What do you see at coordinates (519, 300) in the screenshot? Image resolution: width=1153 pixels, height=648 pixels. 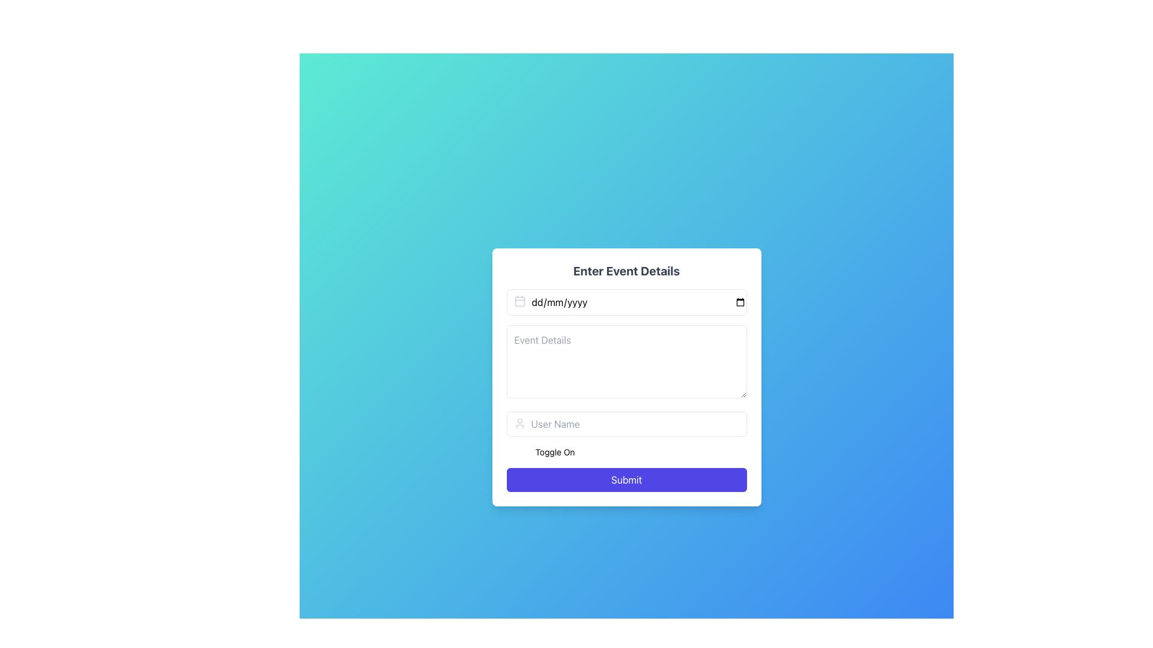 I see `the calendar icon, which is a light gray, rounded rectangular icon located to the left of the date input field labeled 'dd/mm/yyyy' in the event details form` at bounding box center [519, 300].